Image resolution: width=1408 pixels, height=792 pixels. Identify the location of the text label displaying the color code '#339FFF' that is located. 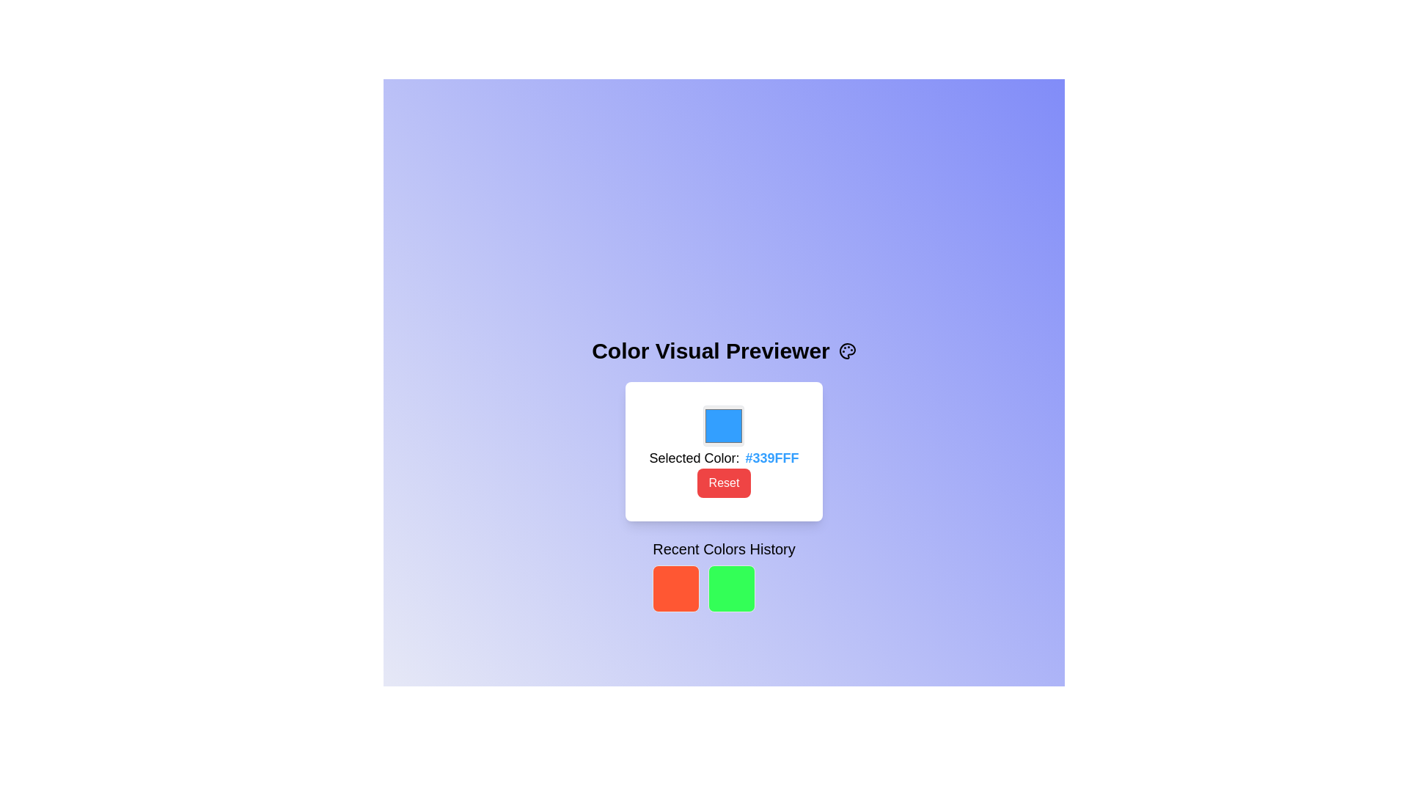
(771, 457).